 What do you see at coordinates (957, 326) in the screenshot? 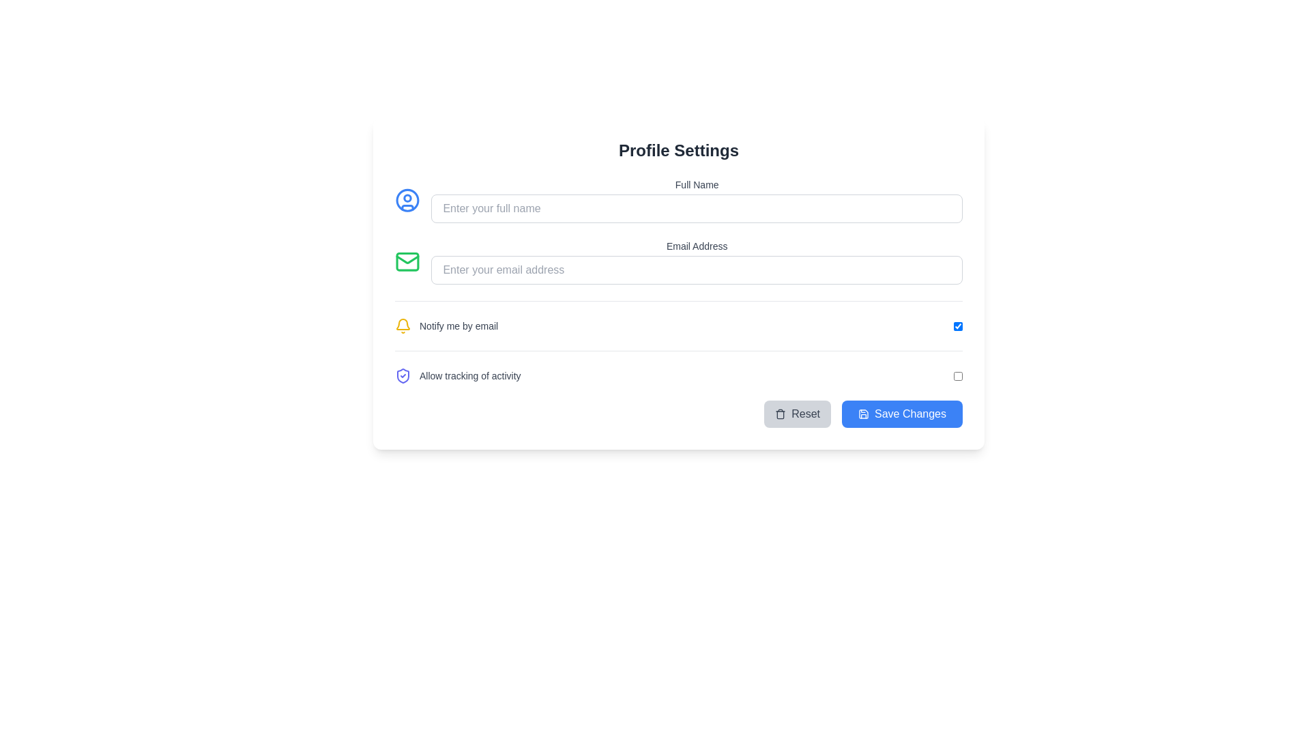
I see `the yellow rounded square checkbox aligned with the 'Notify me by email' label` at bounding box center [957, 326].